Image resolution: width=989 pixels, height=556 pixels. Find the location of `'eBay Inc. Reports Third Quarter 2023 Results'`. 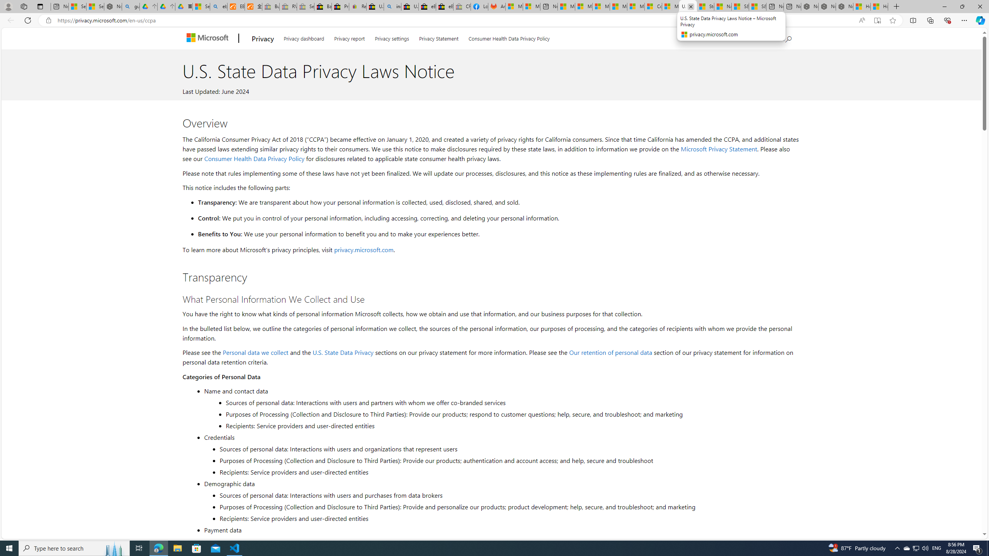

'eBay Inc. Reports Third Quarter 2023 Results' is located at coordinates (445, 6).